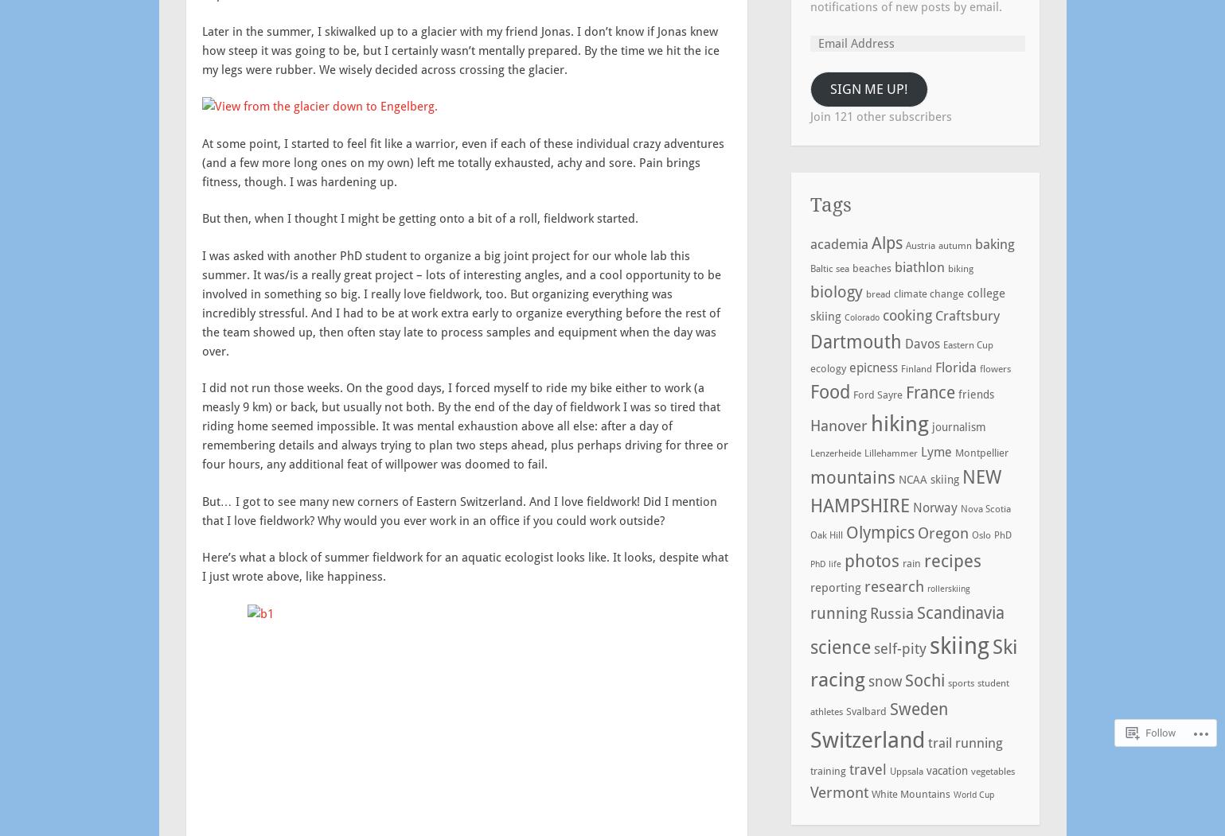  I want to click on 'Sign me up!', so click(829, 87).